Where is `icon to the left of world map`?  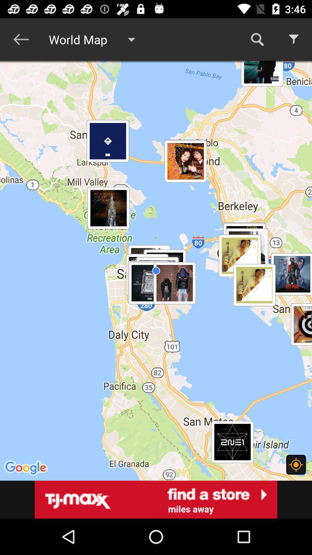 icon to the left of world map is located at coordinates (21, 39).